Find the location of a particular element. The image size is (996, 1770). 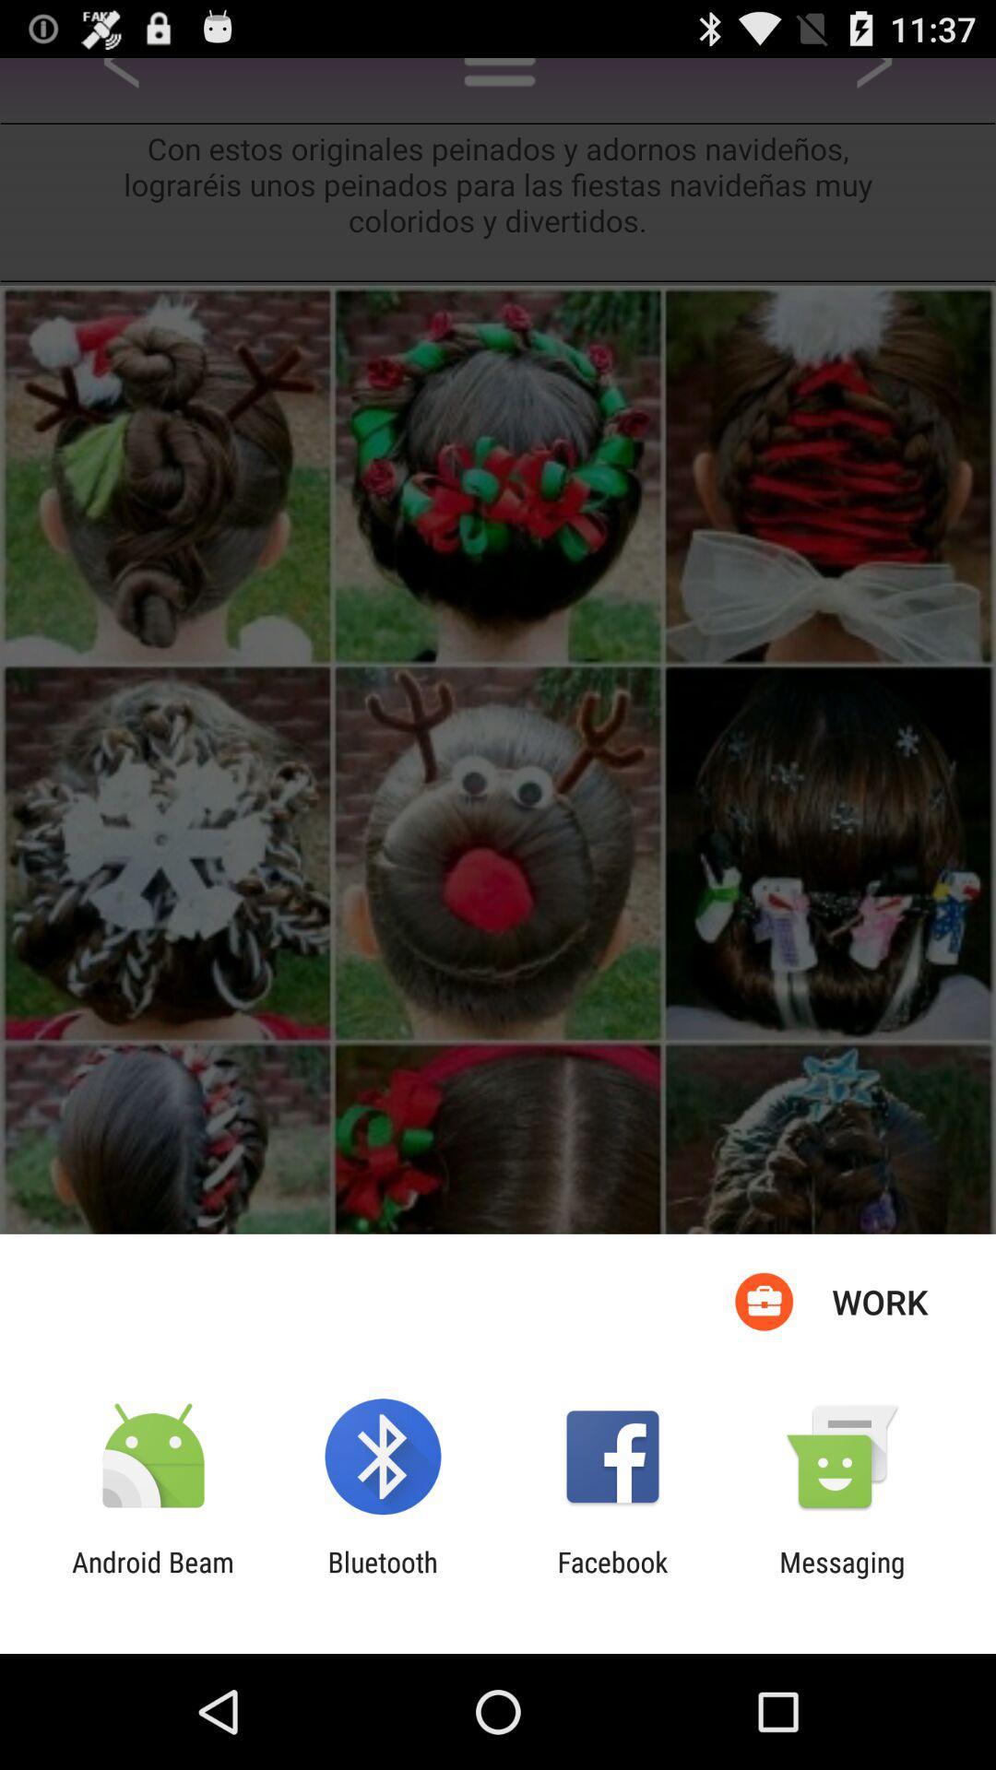

the app next to facebook is located at coordinates (842, 1577).